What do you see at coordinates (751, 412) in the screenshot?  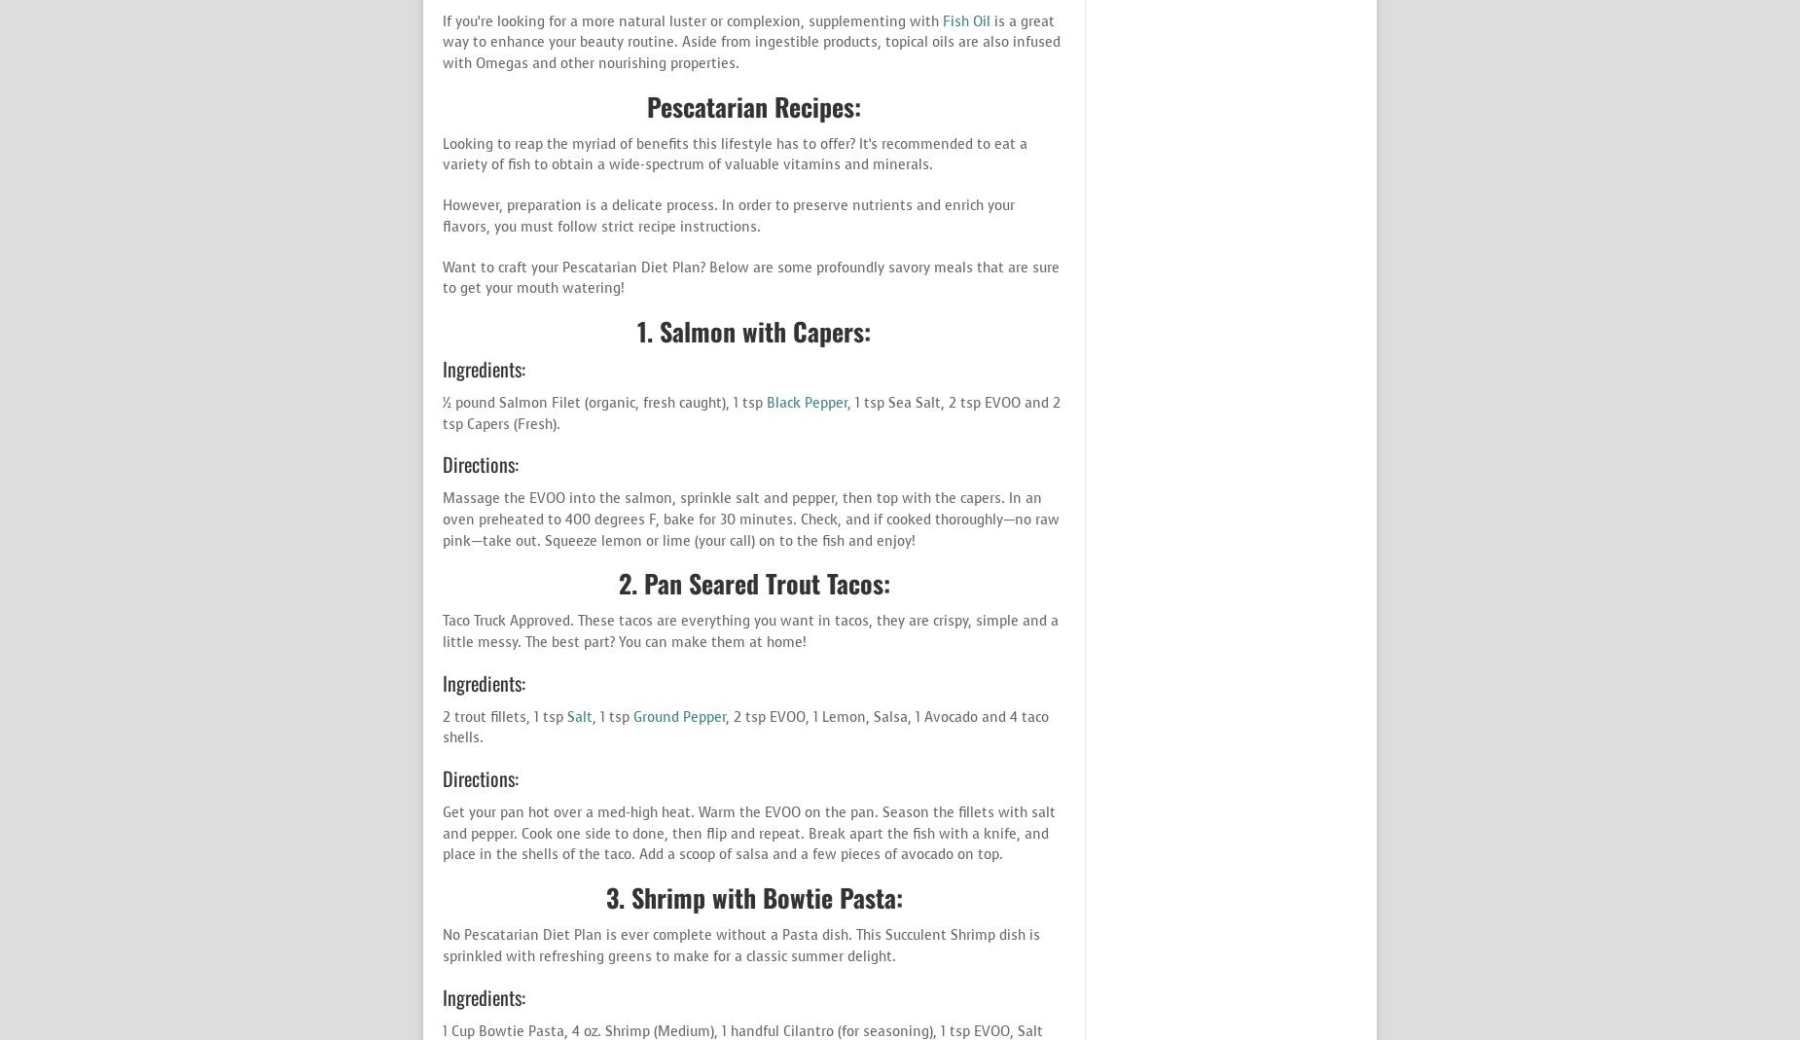 I see `'1 tsp Sea Salt, 2 tsp EVOO and 2 tsp Capers (Fresh).'` at bounding box center [751, 412].